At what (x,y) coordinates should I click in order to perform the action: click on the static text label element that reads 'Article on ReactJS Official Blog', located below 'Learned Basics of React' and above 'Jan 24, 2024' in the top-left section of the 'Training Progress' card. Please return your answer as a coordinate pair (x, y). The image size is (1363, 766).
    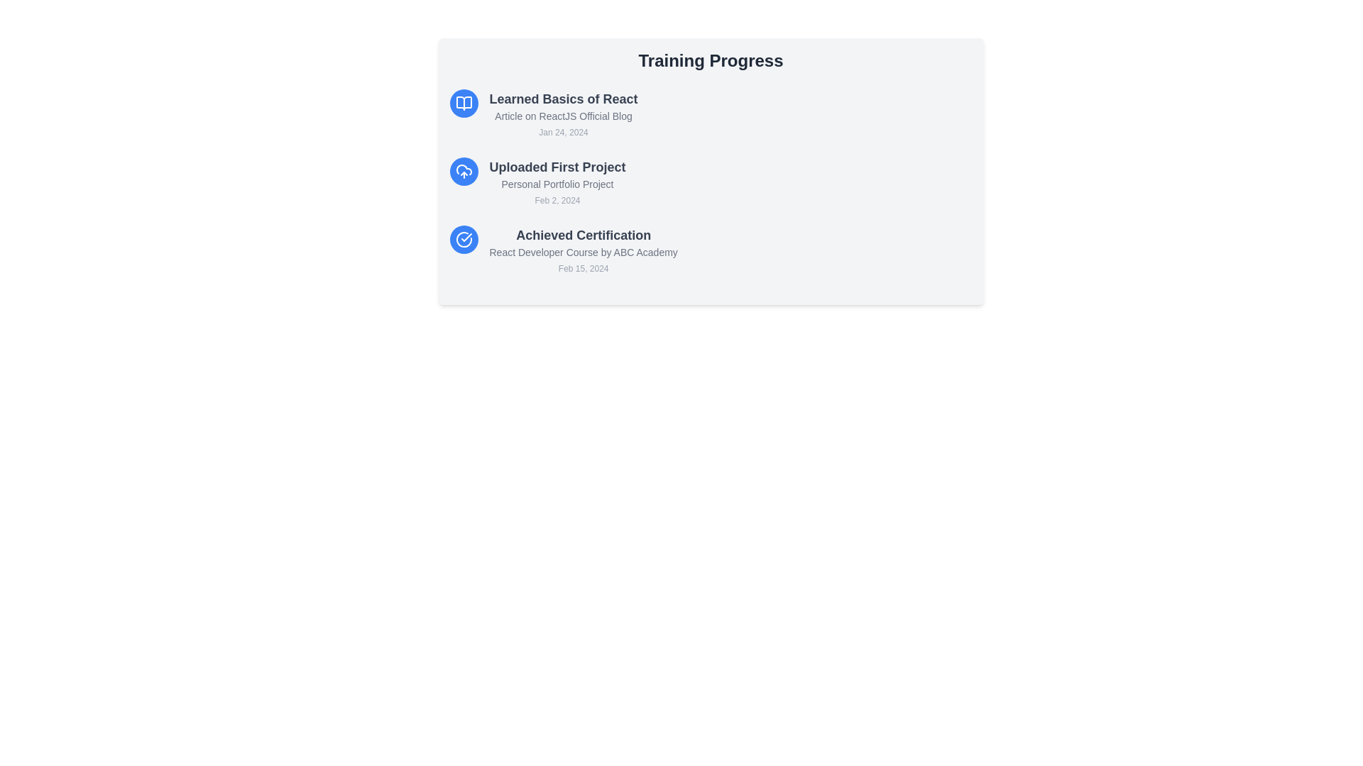
    Looking at the image, I should click on (563, 116).